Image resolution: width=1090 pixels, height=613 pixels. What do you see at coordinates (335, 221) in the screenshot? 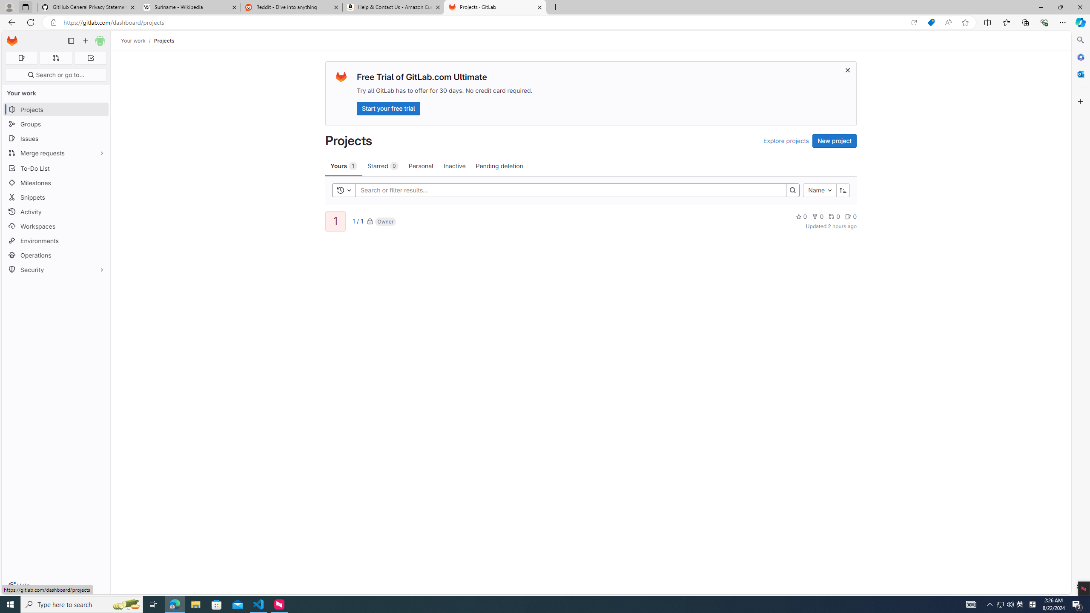
I see `'1'` at bounding box center [335, 221].